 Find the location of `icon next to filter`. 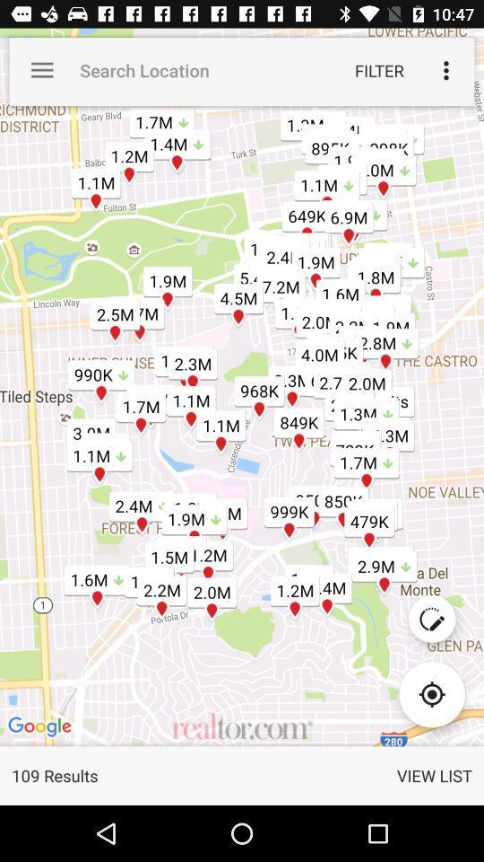

icon next to filter is located at coordinates (445, 70).